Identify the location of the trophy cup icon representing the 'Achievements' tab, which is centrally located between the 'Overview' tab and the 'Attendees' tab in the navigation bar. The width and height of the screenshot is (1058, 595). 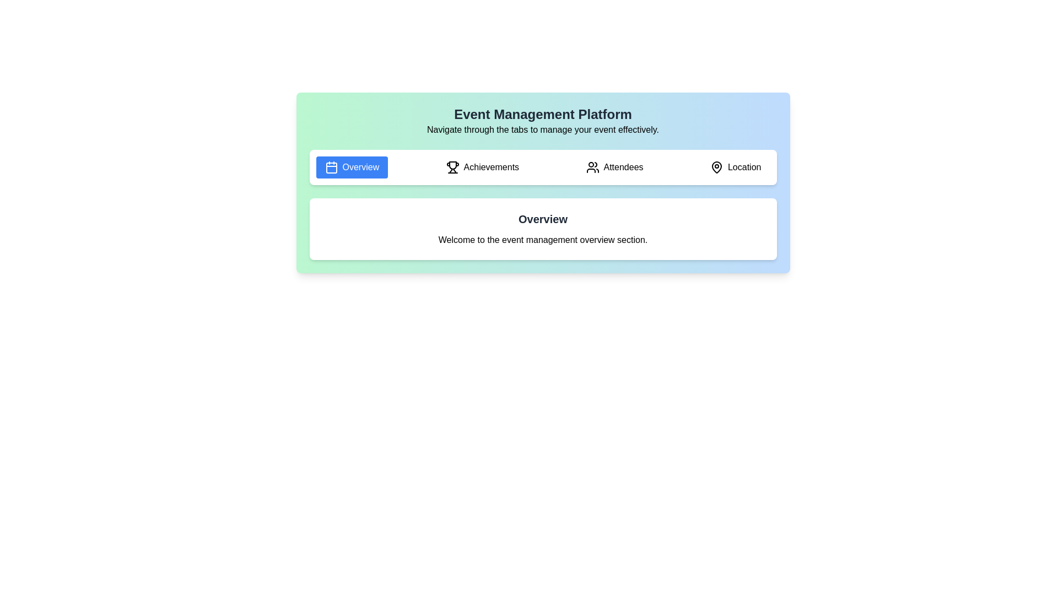
(452, 165).